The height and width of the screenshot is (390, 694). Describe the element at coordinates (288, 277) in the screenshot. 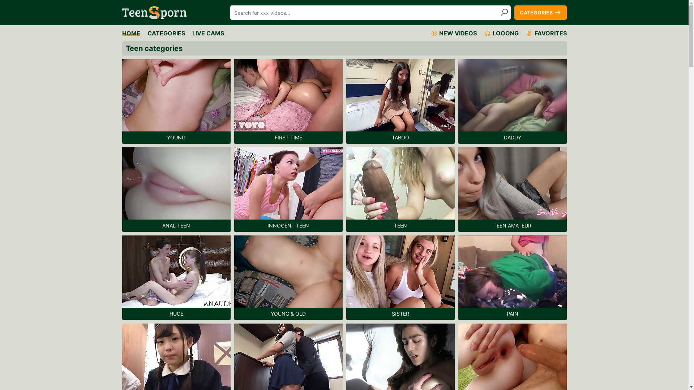

I see `'YOUNG & OLD'` at that location.